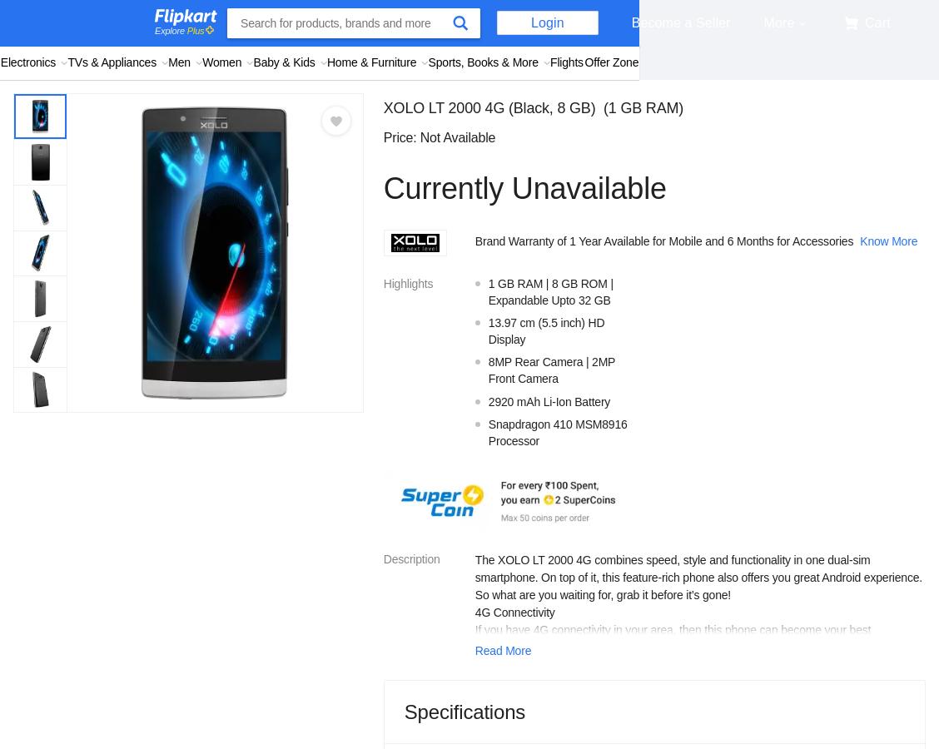 This screenshot has height=749, width=939. Describe the element at coordinates (551, 370) in the screenshot. I see `'8MP Rear Camera | 2MP Front Camera'` at that location.